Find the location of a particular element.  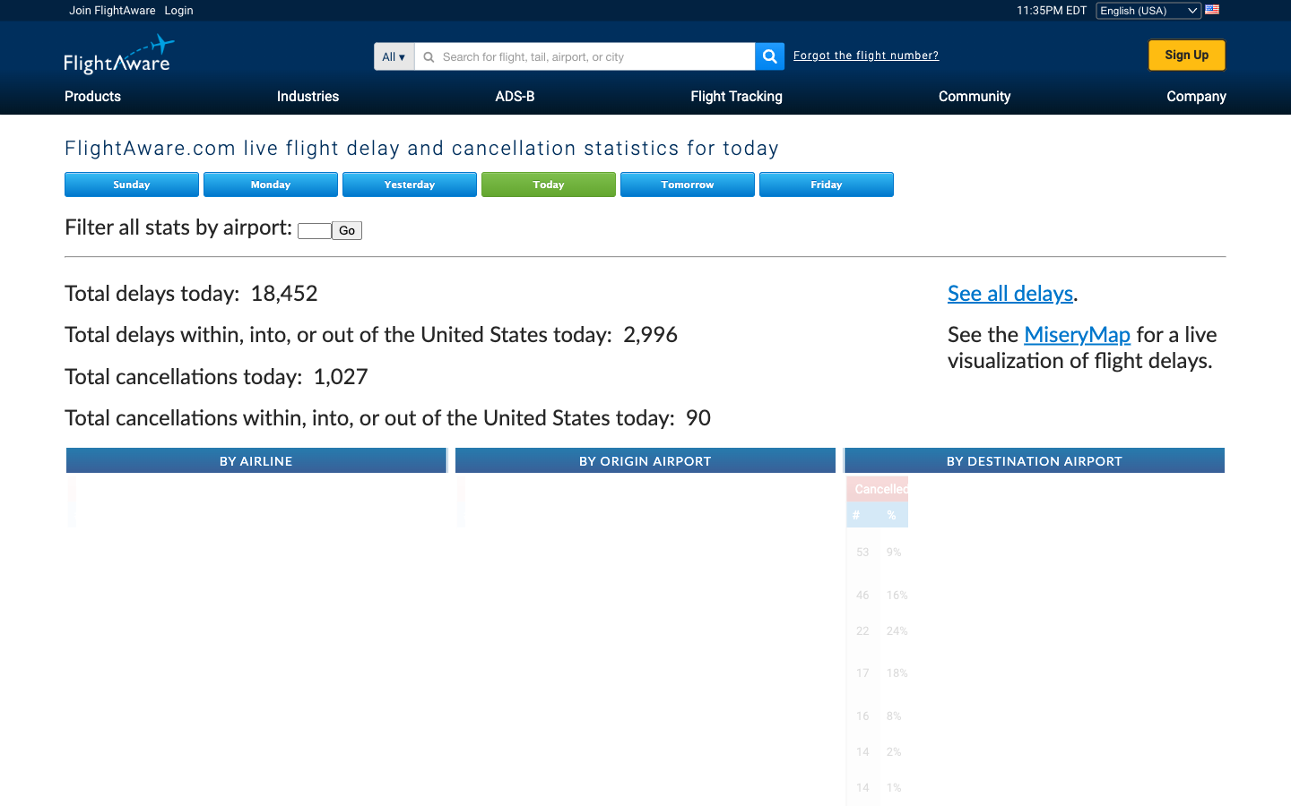

Go to Forgot flight number is located at coordinates (865, 55).